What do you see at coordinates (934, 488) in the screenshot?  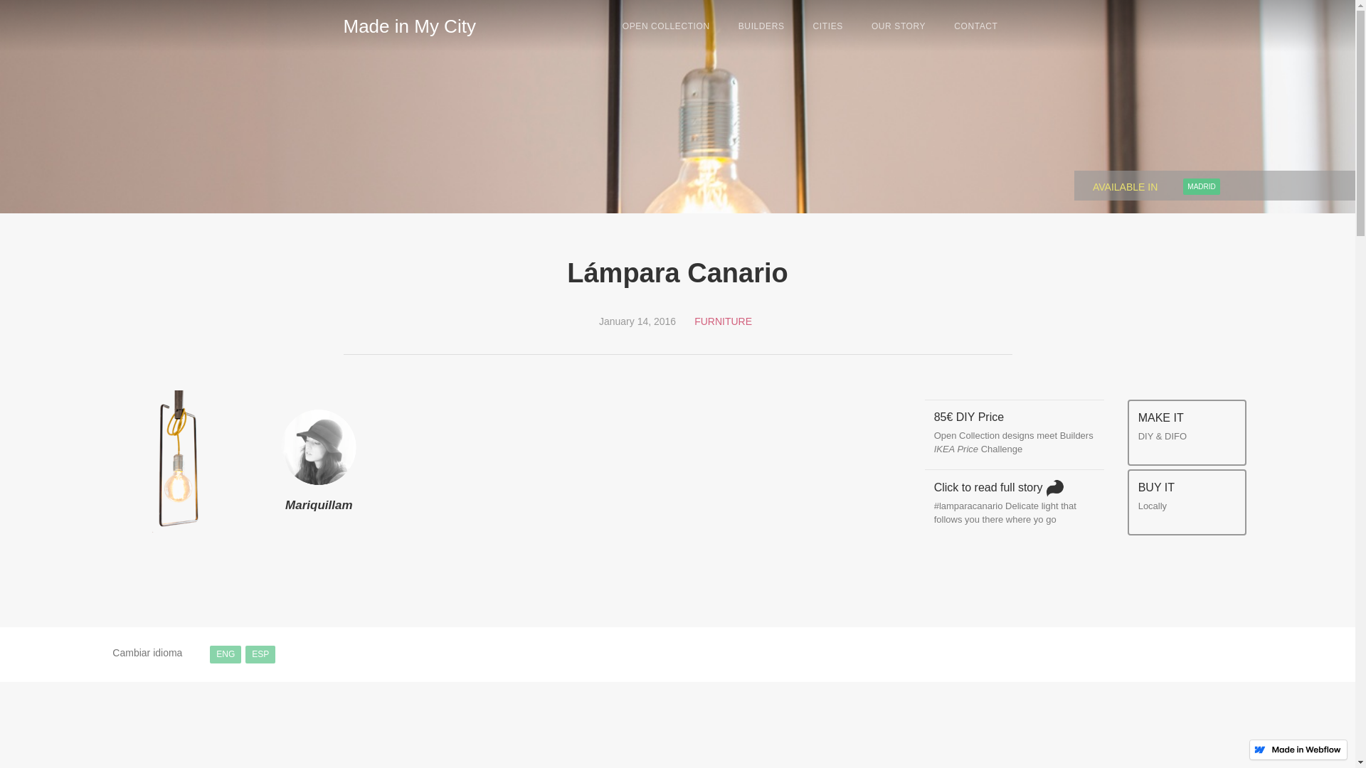 I see `'Click to read full story '` at bounding box center [934, 488].